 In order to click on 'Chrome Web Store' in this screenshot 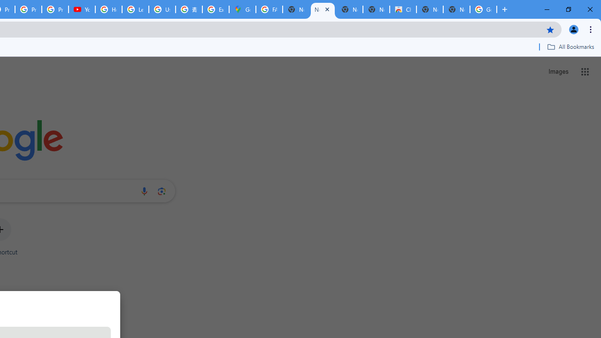, I will do `click(403, 9)`.